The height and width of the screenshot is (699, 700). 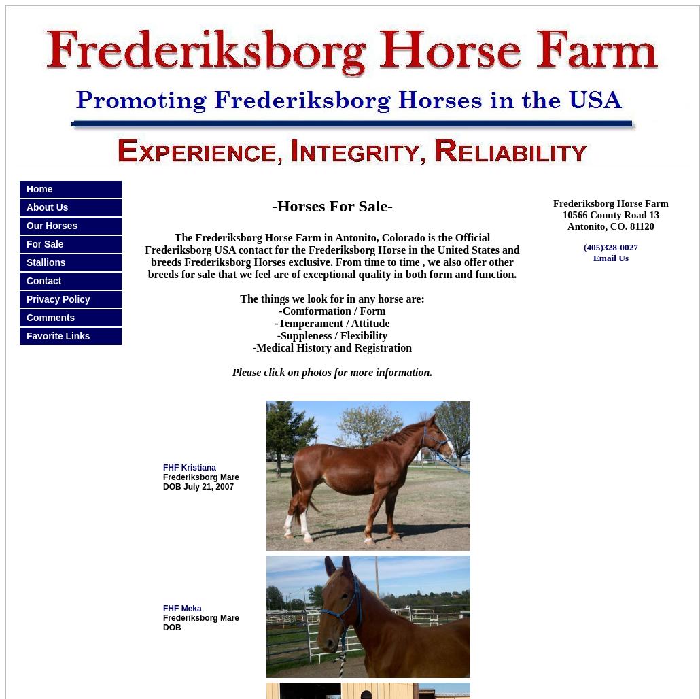 What do you see at coordinates (610, 246) in the screenshot?
I see `'(405)328-0027'` at bounding box center [610, 246].